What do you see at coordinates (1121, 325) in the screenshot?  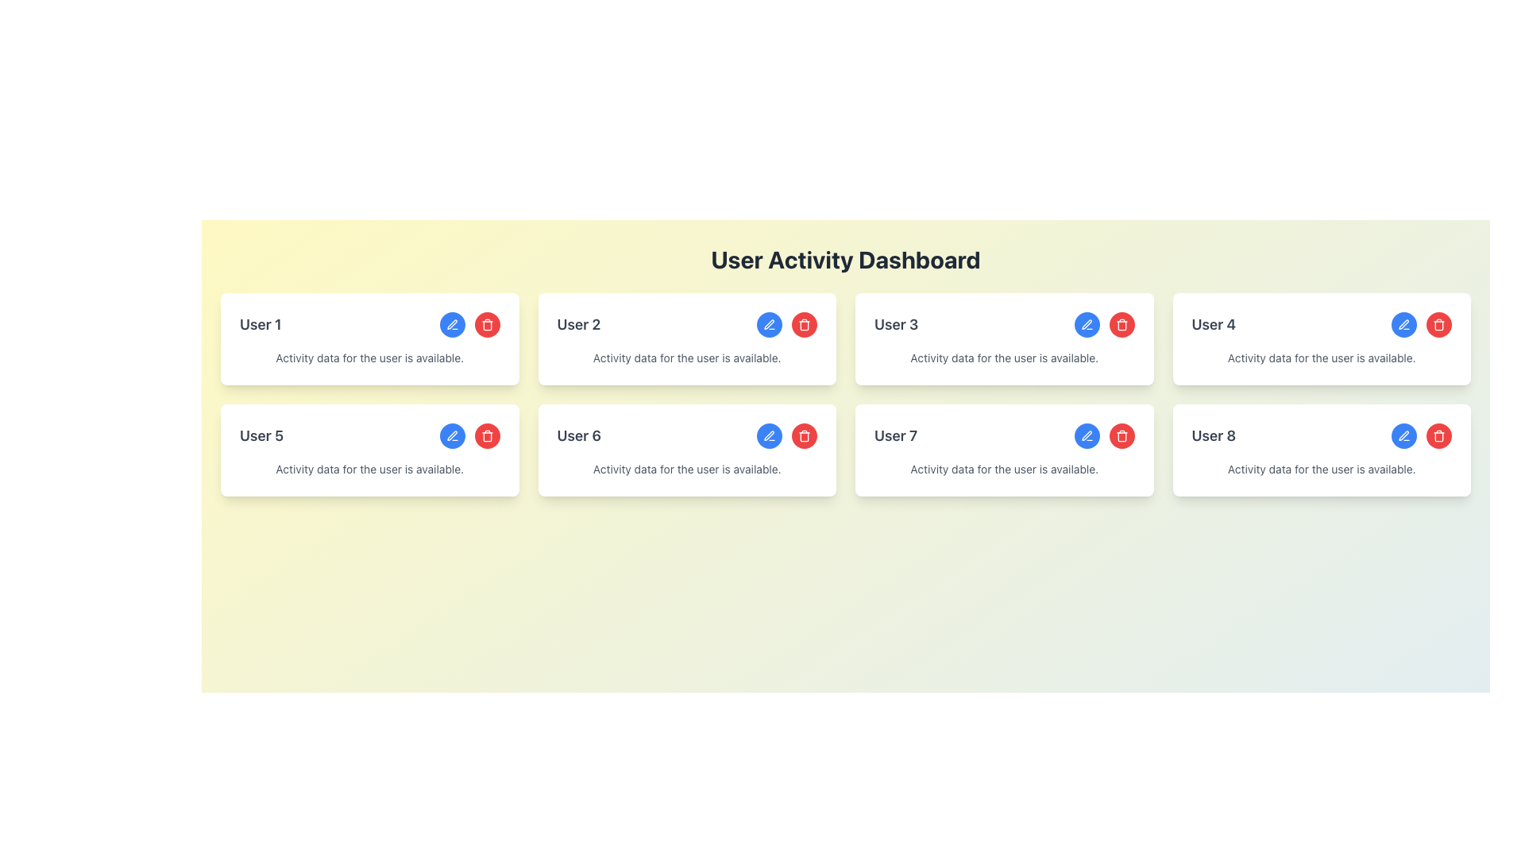 I see `the trash can icon located in the top right corner of the fourth user card in the first row` at bounding box center [1121, 325].